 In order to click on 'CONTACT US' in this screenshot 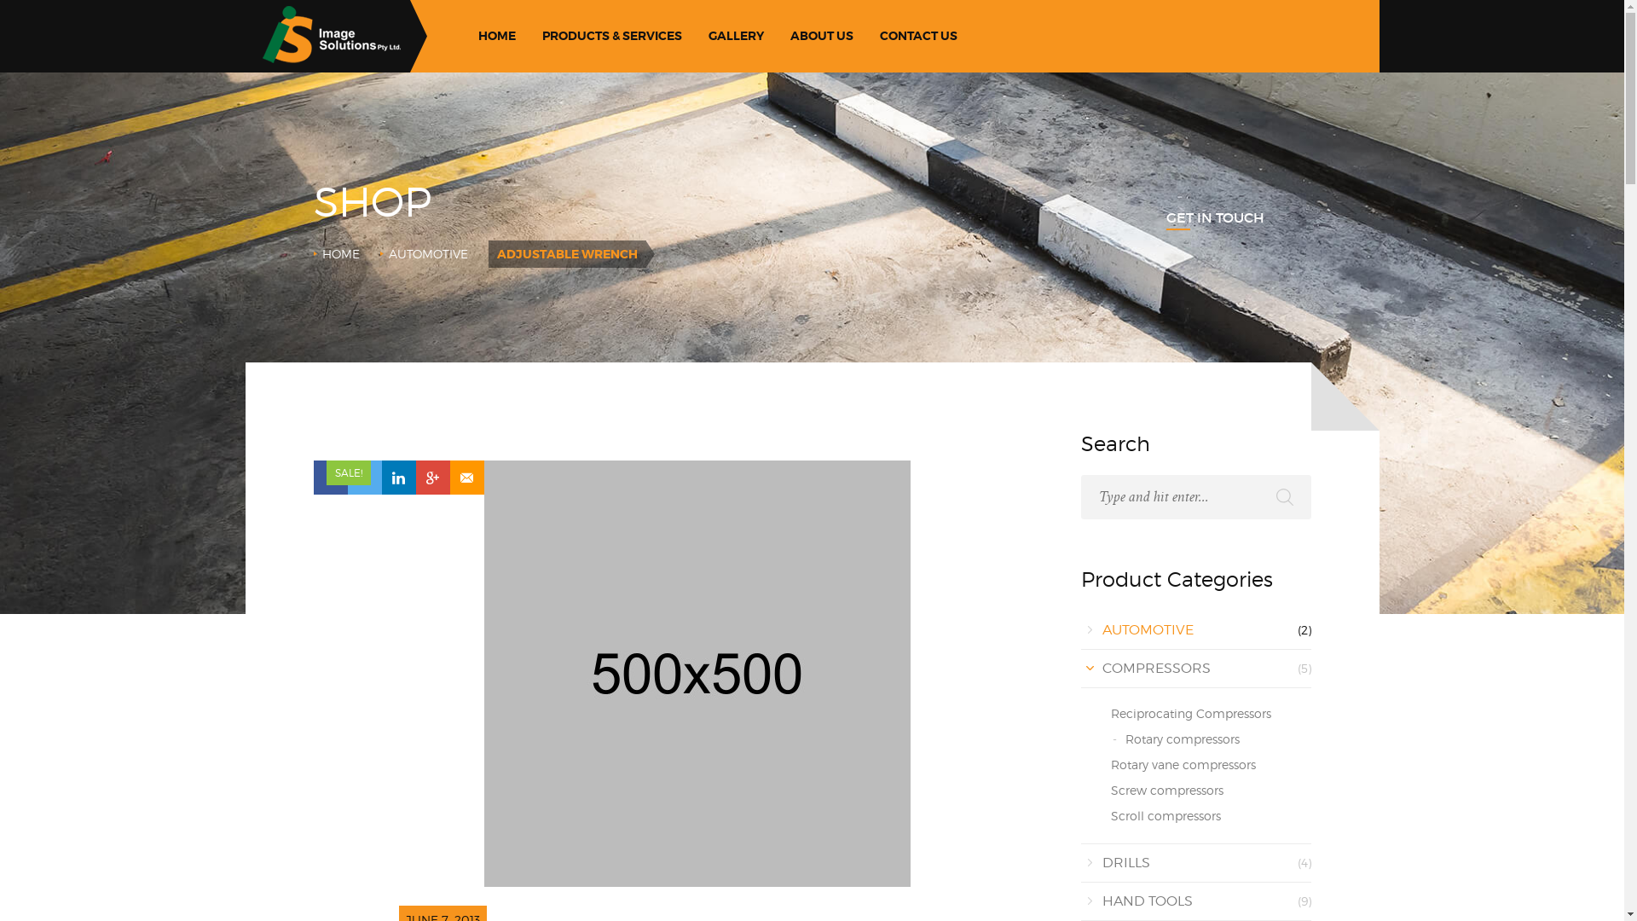, I will do `click(871, 36)`.